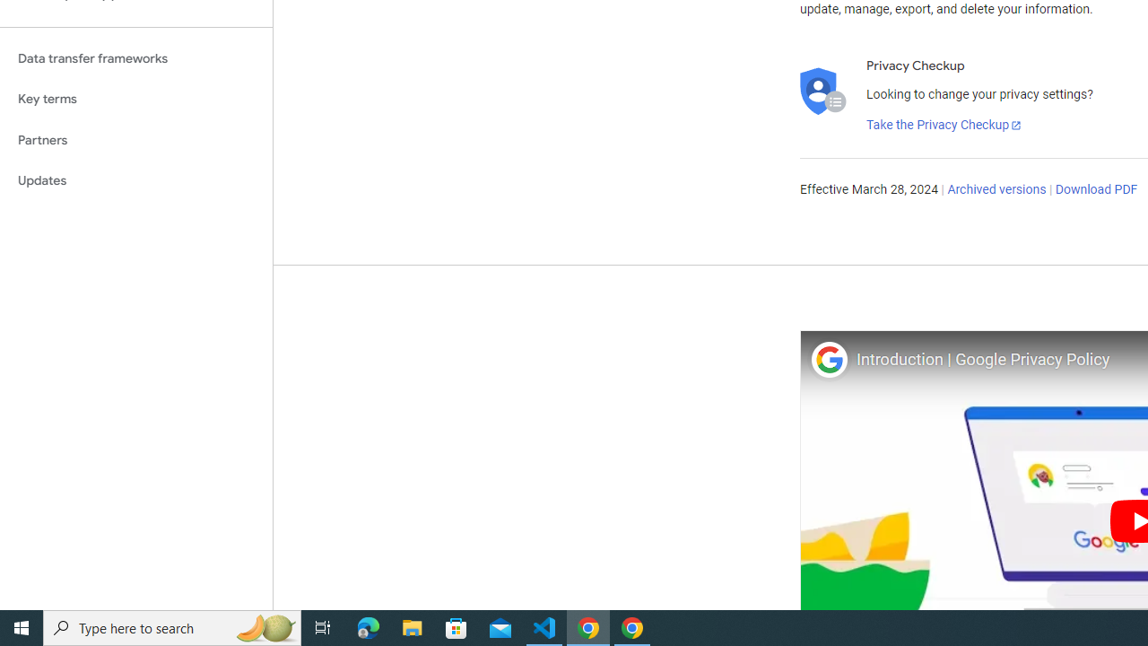 This screenshot has height=646, width=1148. What do you see at coordinates (135, 99) in the screenshot?
I see `'Key terms'` at bounding box center [135, 99].